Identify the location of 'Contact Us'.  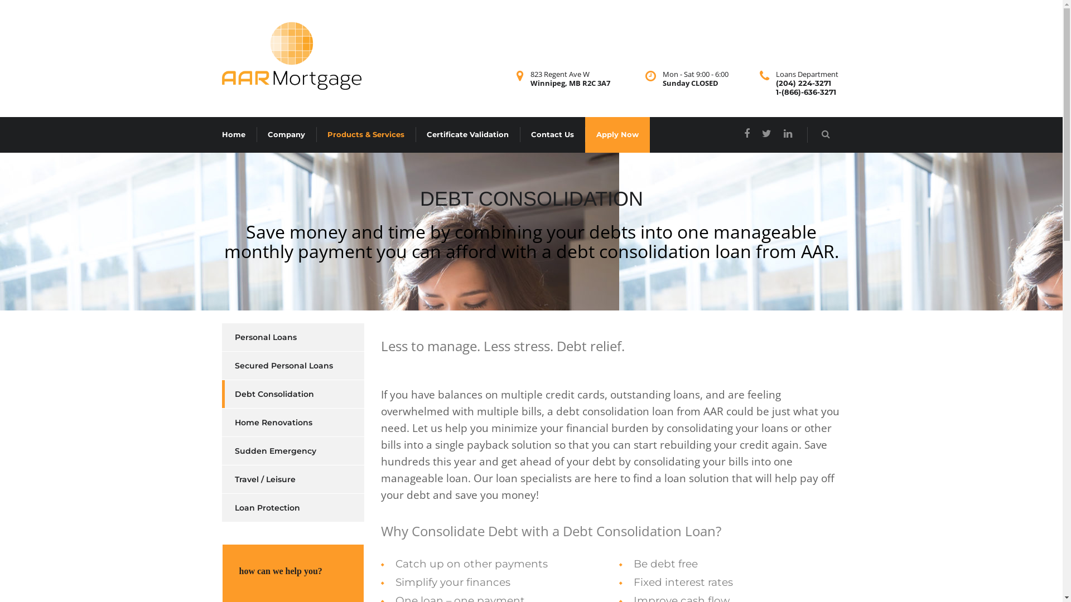
(552, 134).